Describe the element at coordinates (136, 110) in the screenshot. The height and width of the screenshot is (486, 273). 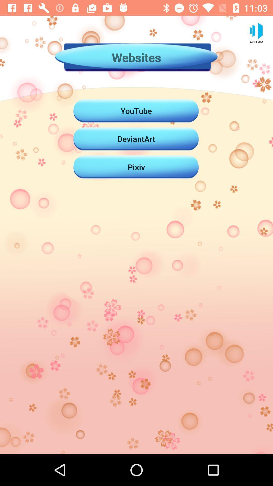
I see `the youtube` at that location.